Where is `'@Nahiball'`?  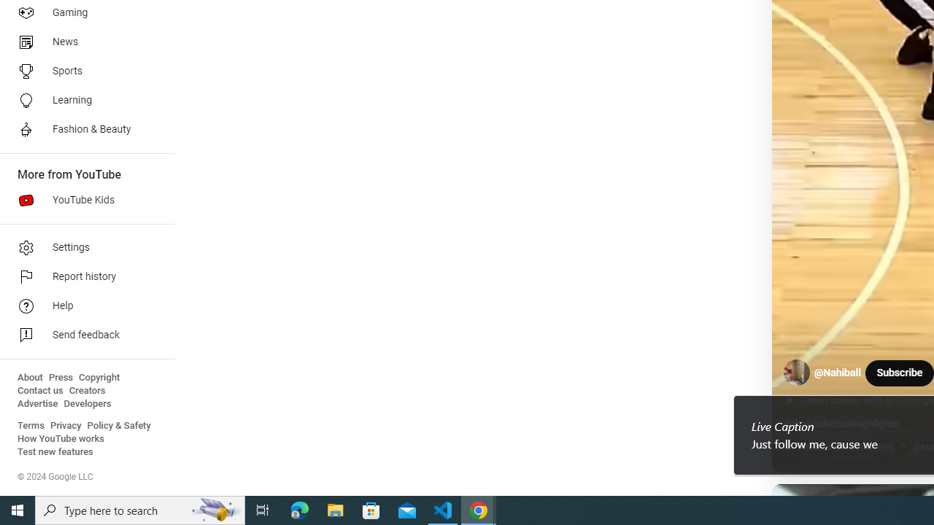 '@Nahiball' is located at coordinates (838, 372).